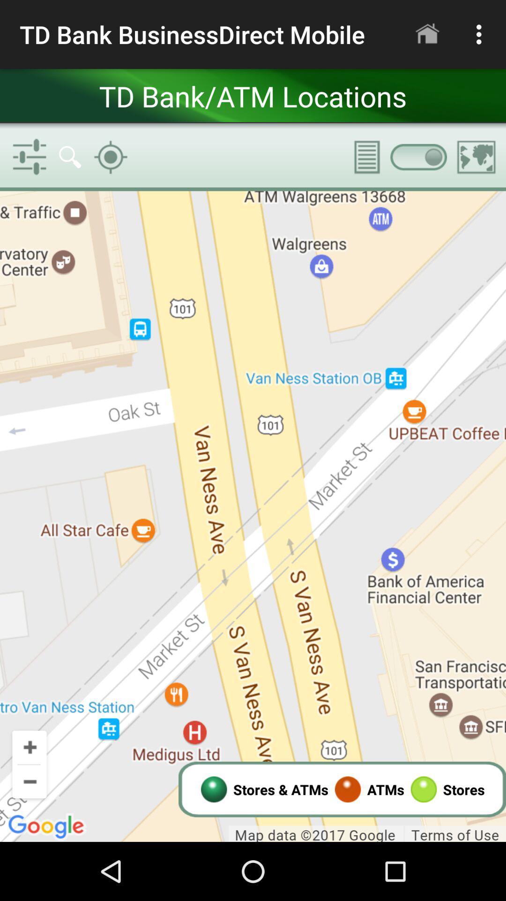 Image resolution: width=506 pixels, height=901 pixels. Describe the element at coordinates (481, 34) in the screenshot. I see `more option which is on the top right corner of the page` at that location.